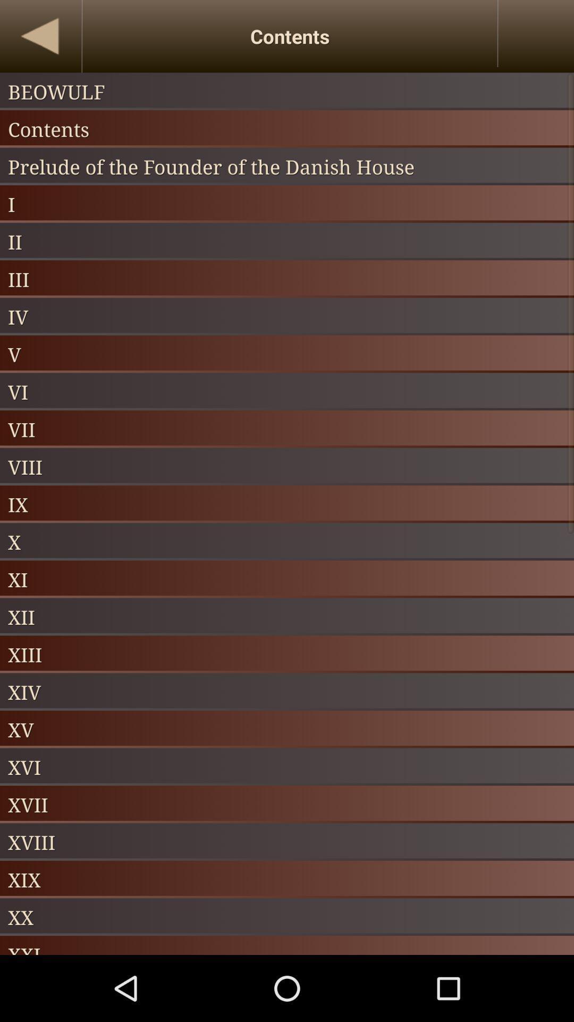 This screenshot has width=574, height=1022. What do you see at coordinates (287, 767) in the screenshot?
I see `item above xvii` at bounding box center [287, 767].